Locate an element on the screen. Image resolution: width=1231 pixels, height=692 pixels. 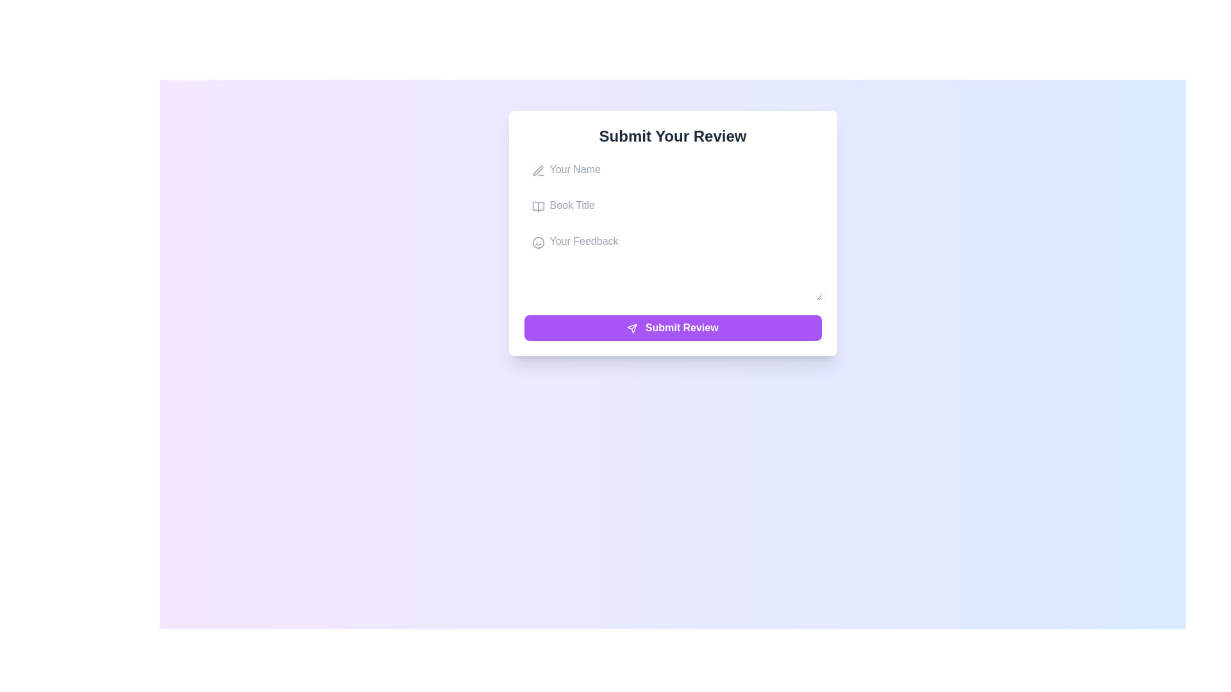
the graphical icon resembling a pen or pencil located near the top-left of the 'Submit Your Review' form, adjacent to the 'Your Name' text field is located at coordinates (538, 170).